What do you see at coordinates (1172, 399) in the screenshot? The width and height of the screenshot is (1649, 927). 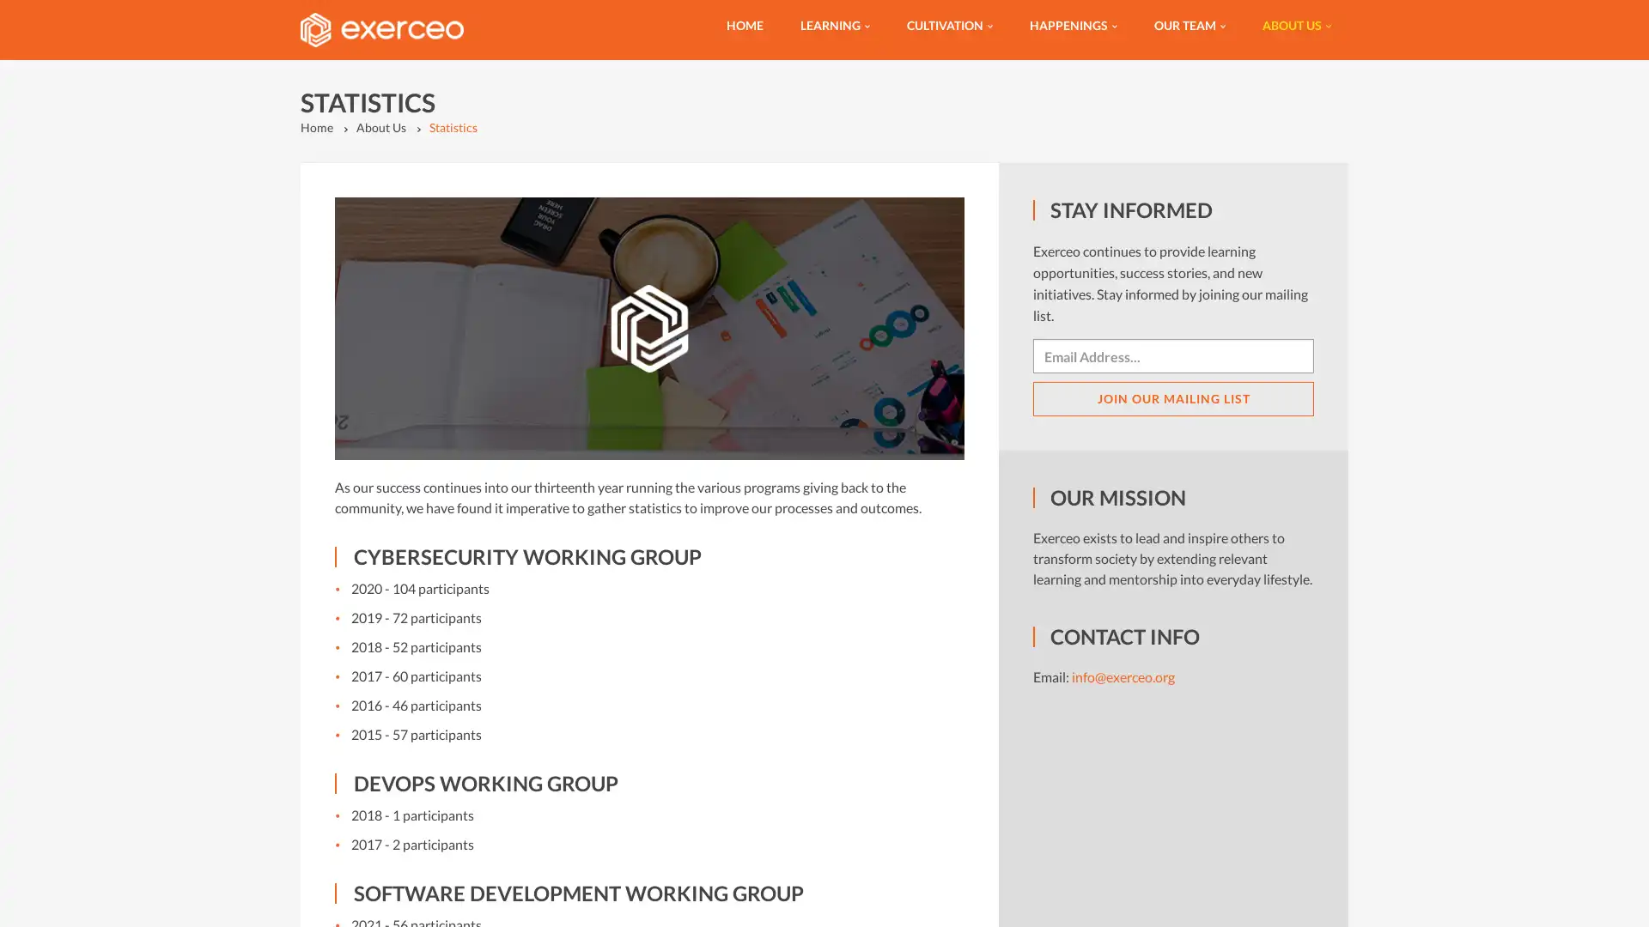 I see `JOIN OUR MAILING LIST` at bounding box center [1172, 399].